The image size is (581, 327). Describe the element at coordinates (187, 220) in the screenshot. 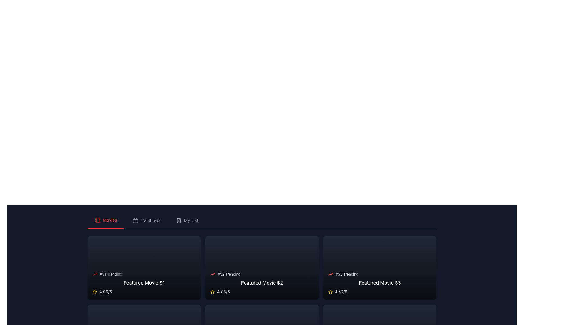

I see `the 'My List' button, which features a bookmark icon with a checkmark` at that location.